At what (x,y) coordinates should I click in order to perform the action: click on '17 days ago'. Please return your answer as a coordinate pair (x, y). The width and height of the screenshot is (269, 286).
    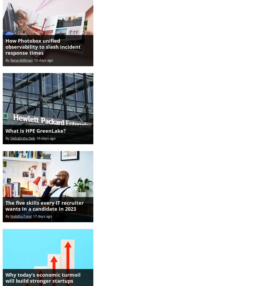
    Looking at the image, I should click on (43, 210).